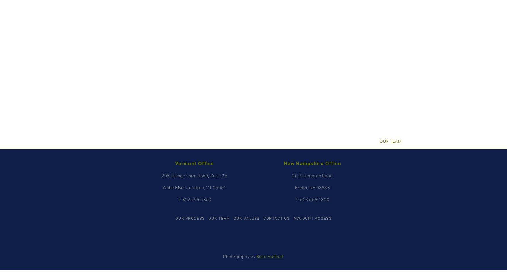 This screenshot has height=273, width=507. Describe the element at coordinates (295, 187) in the screenshot. I see `'Exeter, NH 03833'` at that location.